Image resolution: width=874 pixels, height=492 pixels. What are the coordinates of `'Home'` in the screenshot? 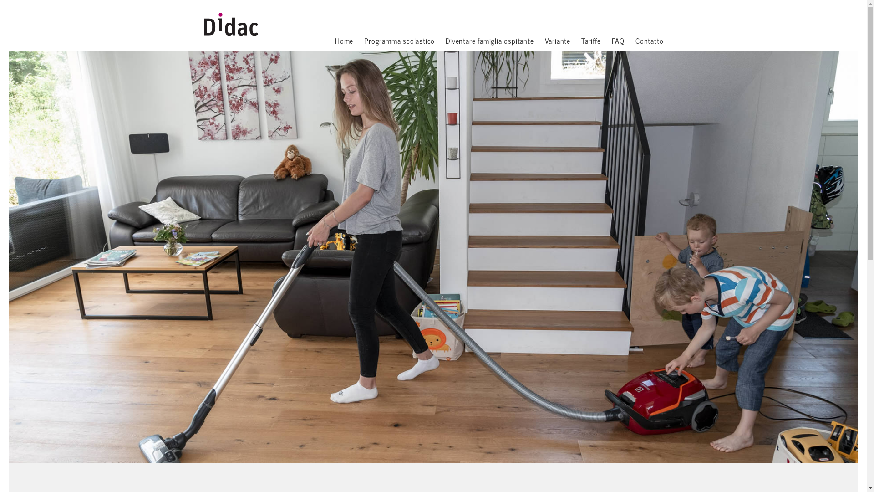 It's located at (334, 42).